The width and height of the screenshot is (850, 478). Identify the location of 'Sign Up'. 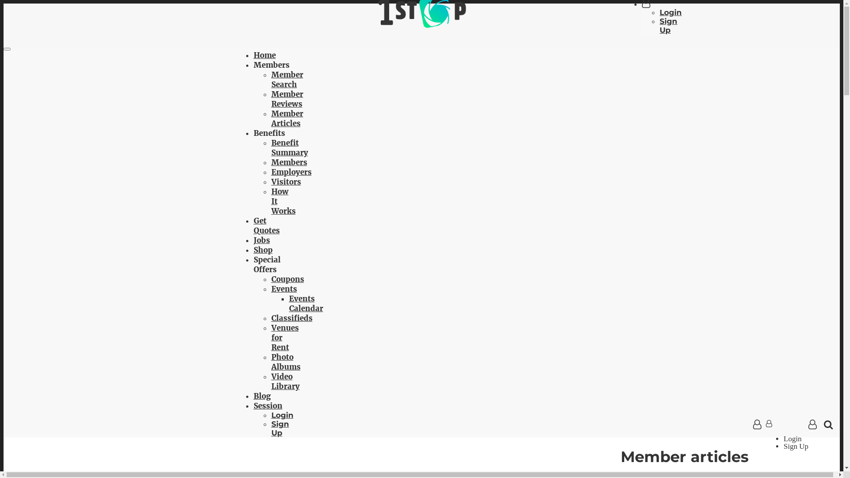
(279, 428).